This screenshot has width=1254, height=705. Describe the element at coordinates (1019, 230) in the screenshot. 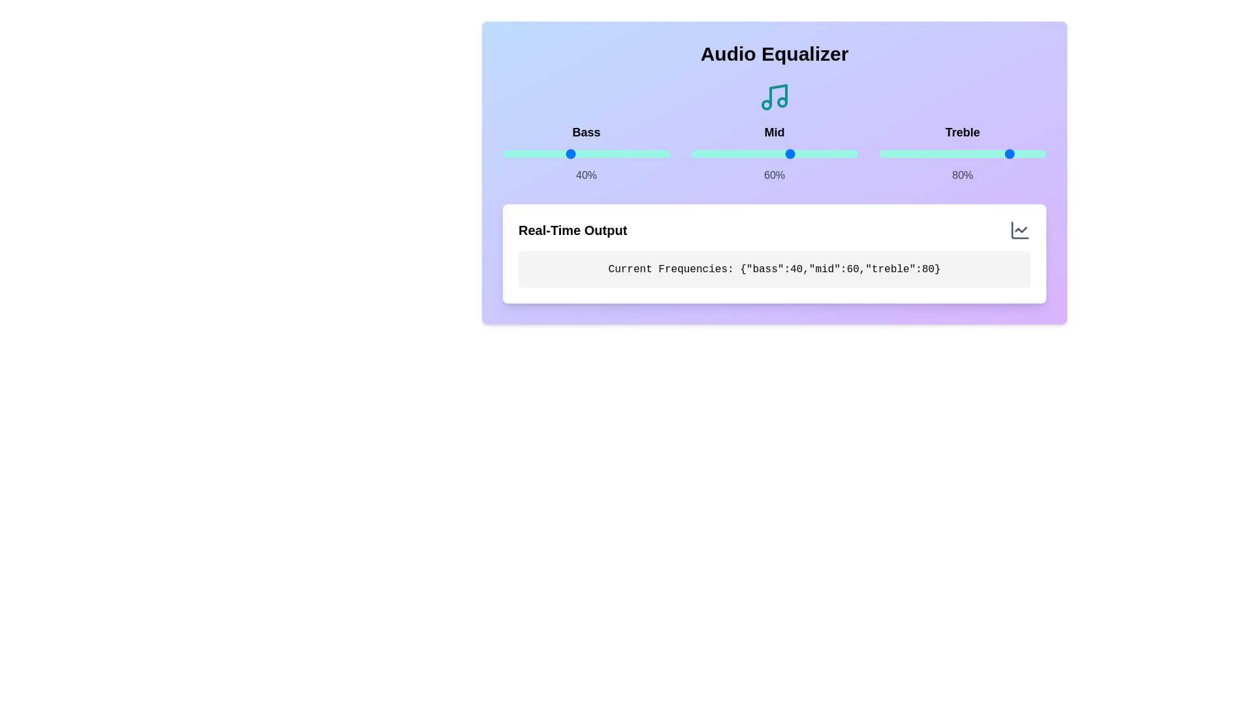

I see `the line chart icon located near the top-right area of the 'Real-Time Output' content box` at that location.